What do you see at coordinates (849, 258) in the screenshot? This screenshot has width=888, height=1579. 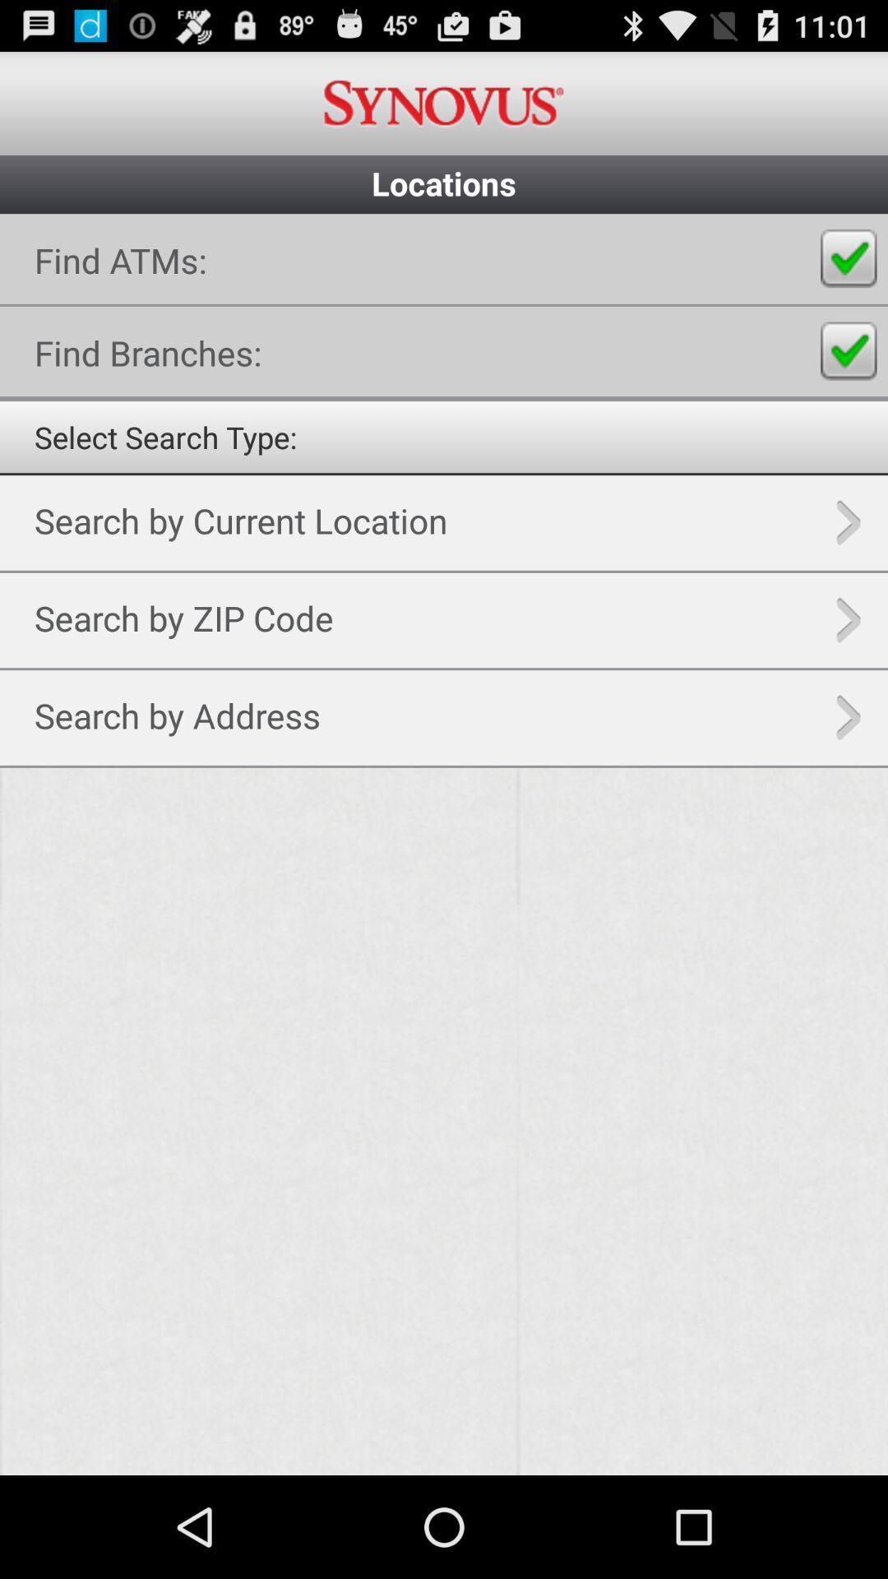 I see `the item to the right of the find atms:` at bounding box center [849, 258].